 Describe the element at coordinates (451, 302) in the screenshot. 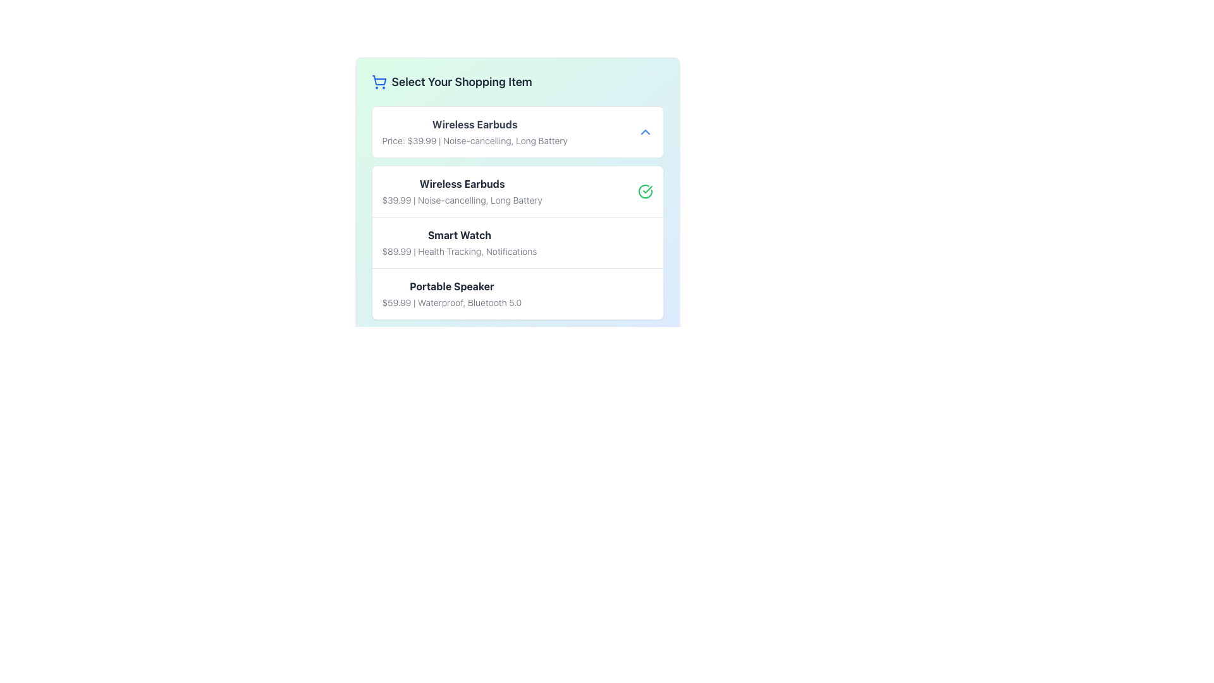

I see `the Text Display element that shows the price and description of the Portable Speaker, which is located beneath the title and styled in light gray font` at that location.